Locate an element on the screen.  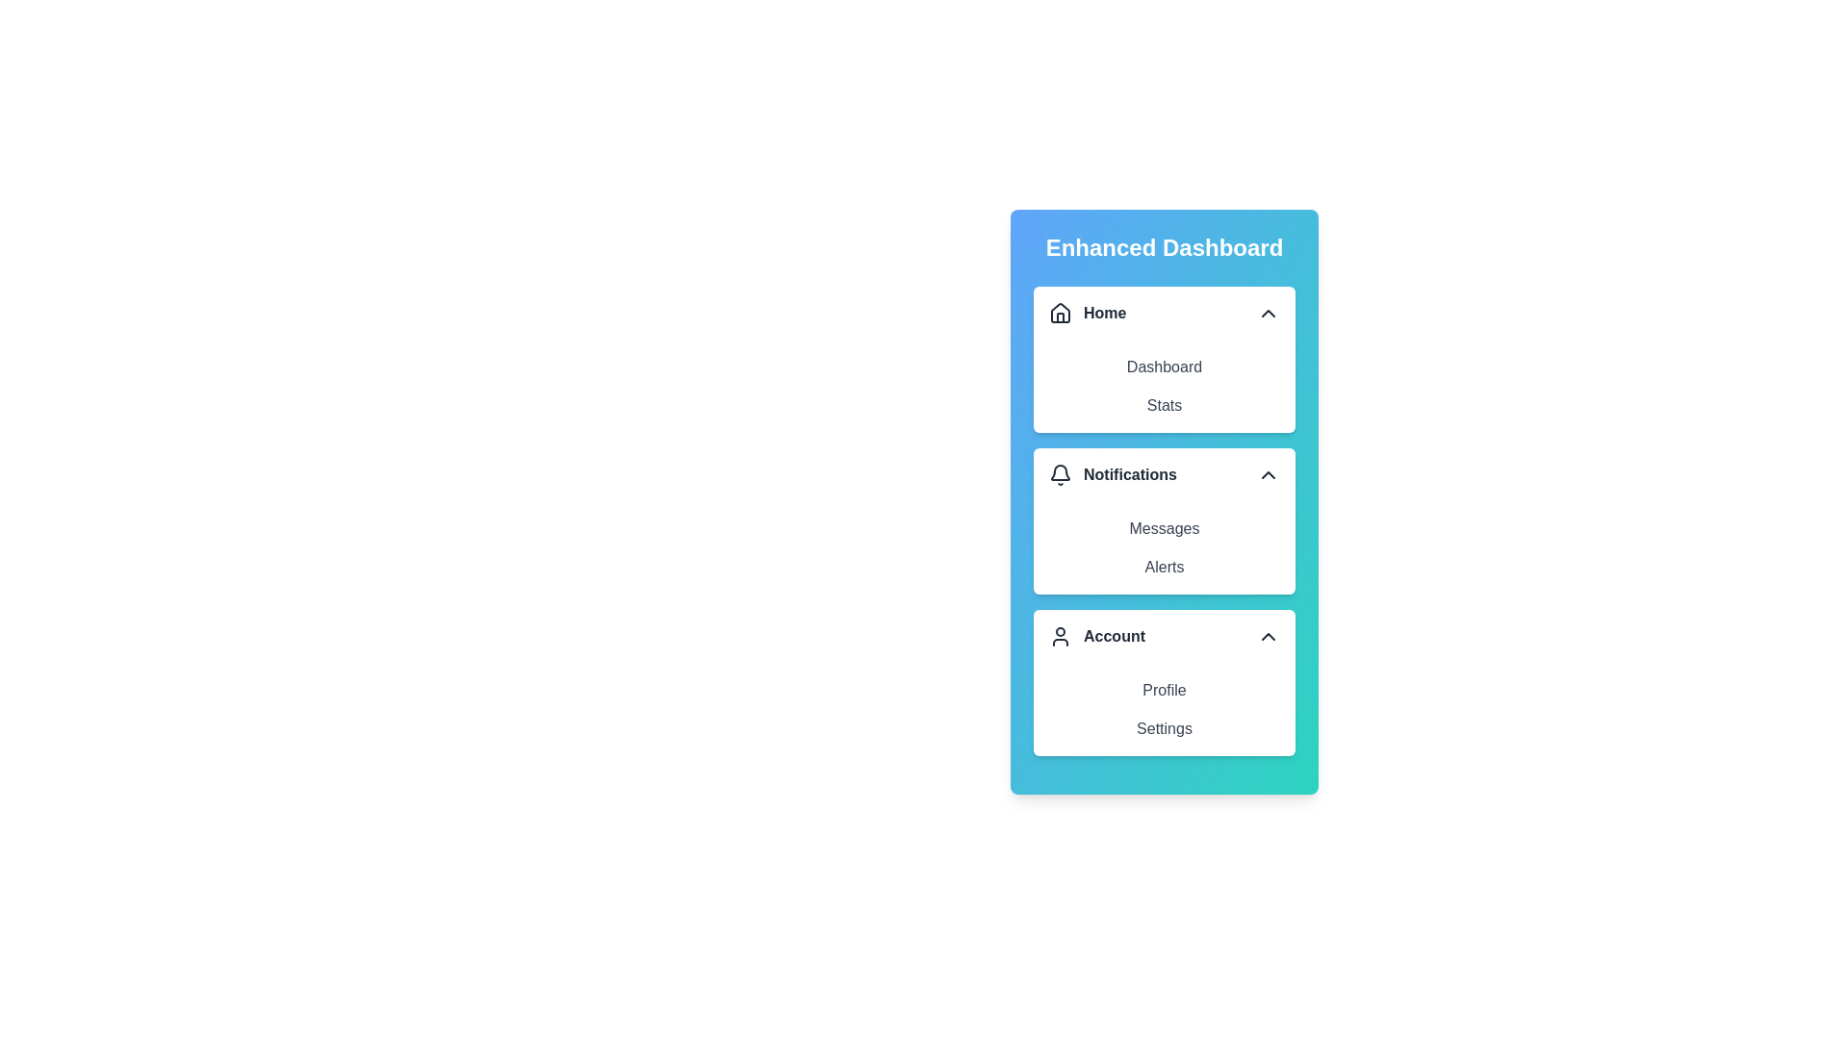
the menu item Dashboard from the expanded section is located at coordinates (1163, 367).